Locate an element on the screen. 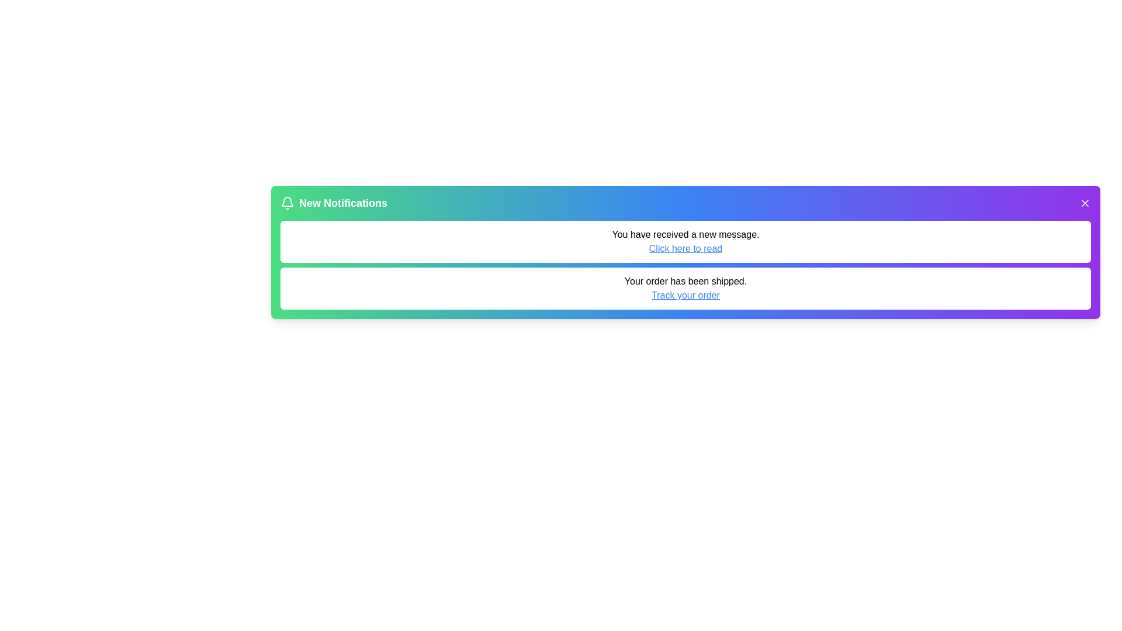 This screenshot has height=631, width=1122. the blue-colored hyperlink styled with an underline text saying 'Click here to read' located within the white-bordered notification box below the text 'You have received a new message.' is located at coordinates (685, 248).